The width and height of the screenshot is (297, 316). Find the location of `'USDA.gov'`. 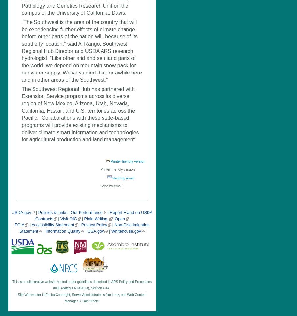

'USDA.gov' is located at coordinates (11, 212).